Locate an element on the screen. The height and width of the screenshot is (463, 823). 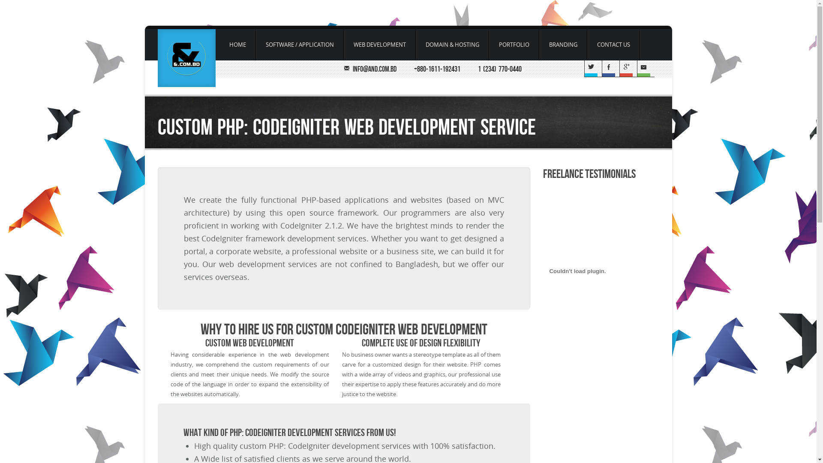
'HOME' is located at coordinates (237, 45).